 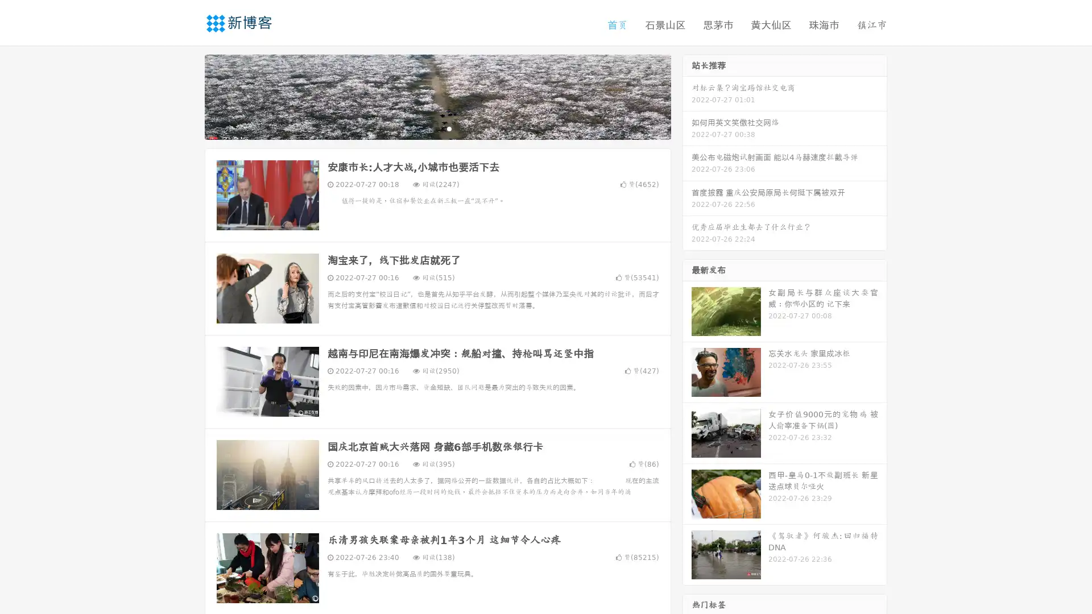 I want to click on Go to slide 3, so click(x=449, y=128).